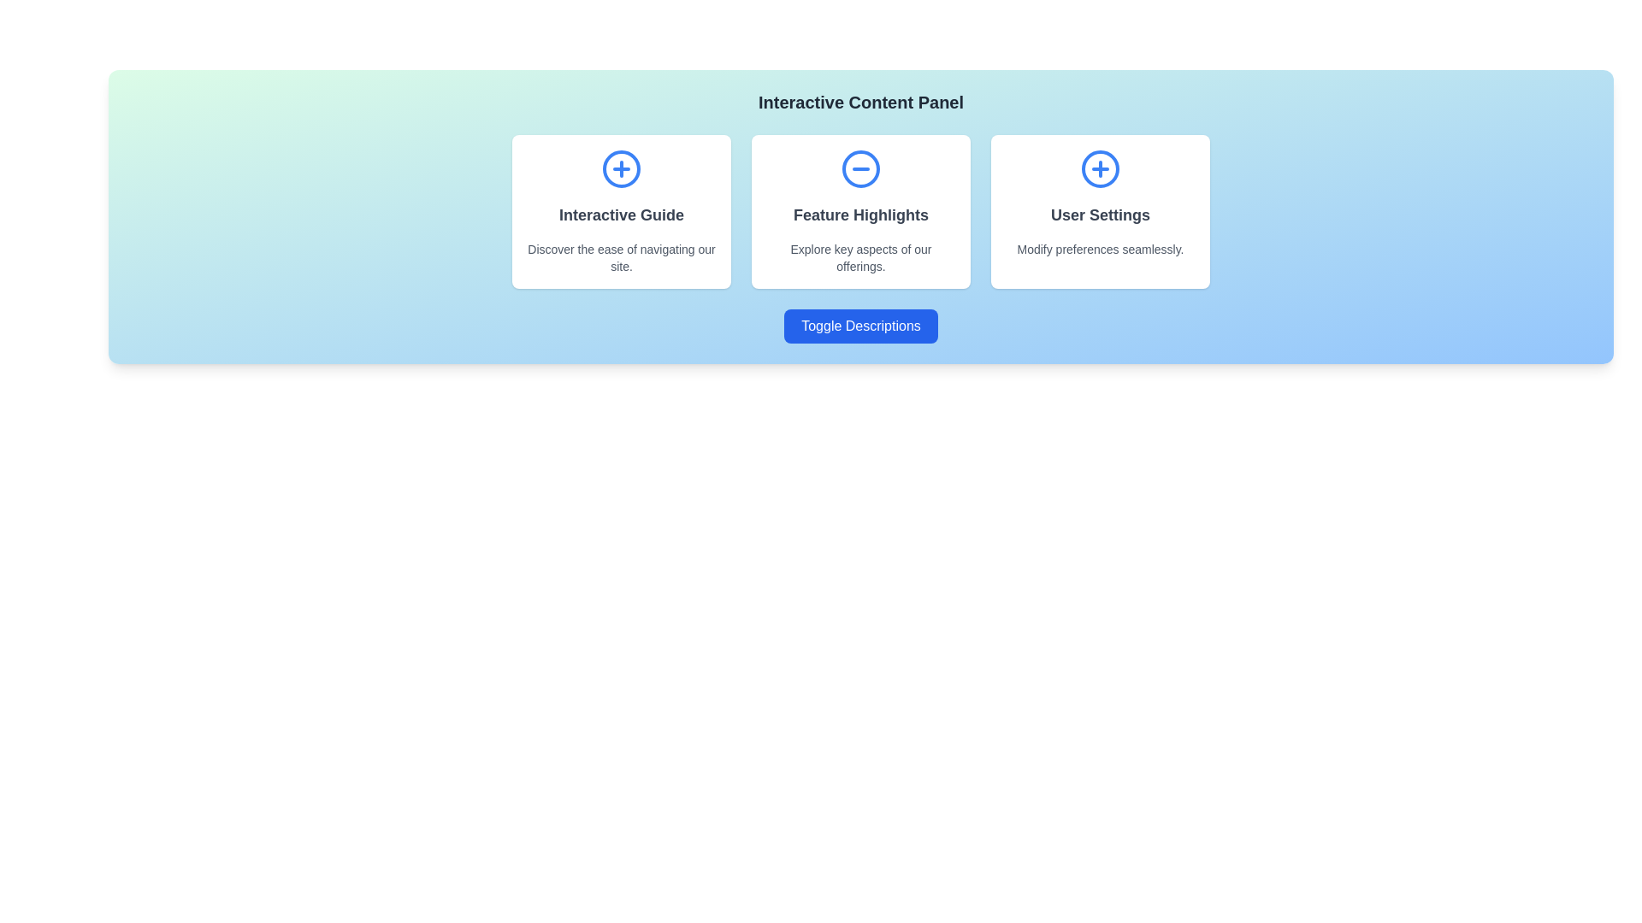 This screenshot has width=1642, height=923. I want to click on the Text label that serves as the title of the card, positioned in the upper-middle section of the card layout, so click(861, 214).